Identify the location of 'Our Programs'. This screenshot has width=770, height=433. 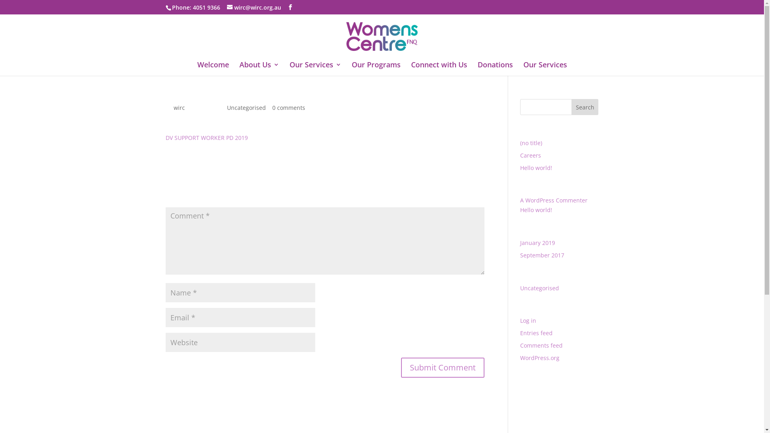
(375, 68).